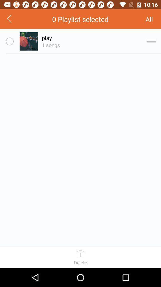  I want to click on the notifications icon, so click(155, 20).